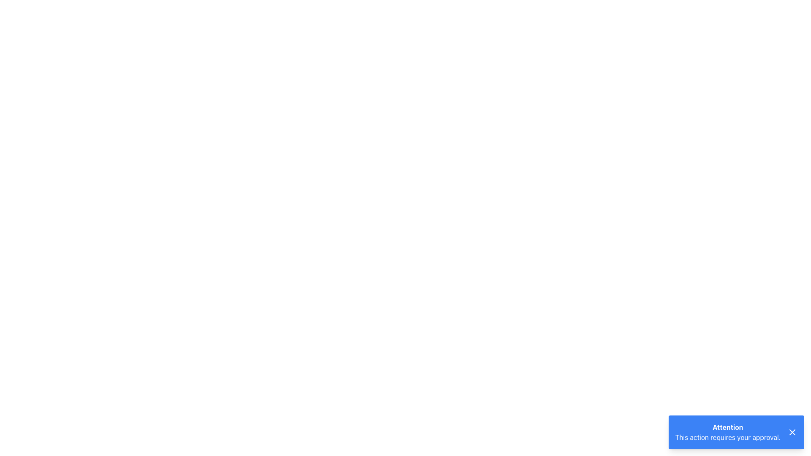  What do you see at coordinates (736, 432) in the screenshot?
I see `the primary notification banner located in the bottom right corner of the interface, which conveys critical information and has an 'X' icon for dismissal` at bounding box center [736, 432].